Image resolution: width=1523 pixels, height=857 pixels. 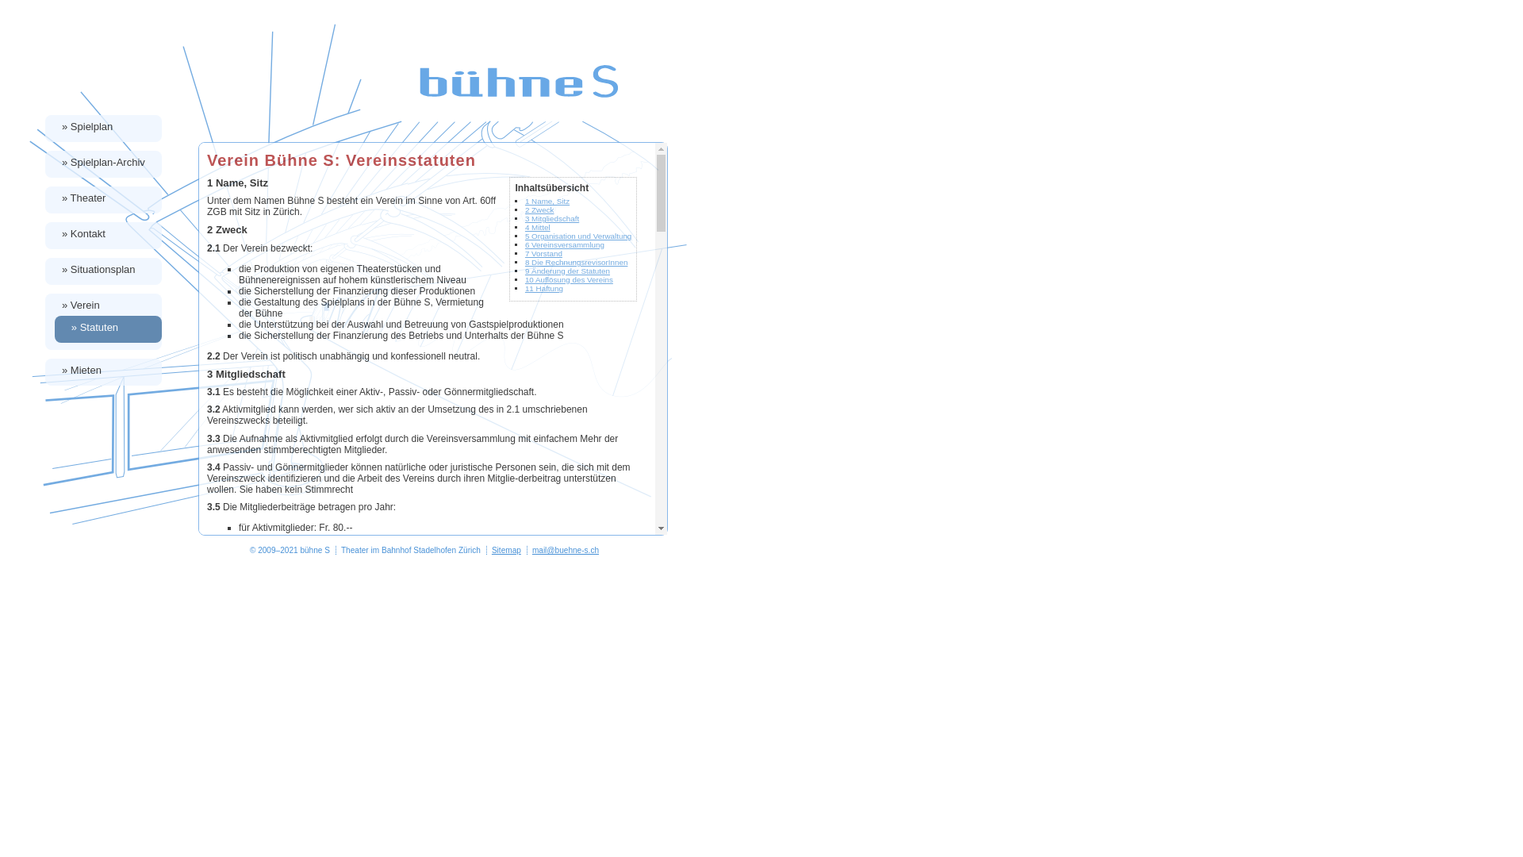 What do you see at coordinates (1503, 847) in the screenshot?
I see `'bearbeiten'` at bounding box center [1503, 847].